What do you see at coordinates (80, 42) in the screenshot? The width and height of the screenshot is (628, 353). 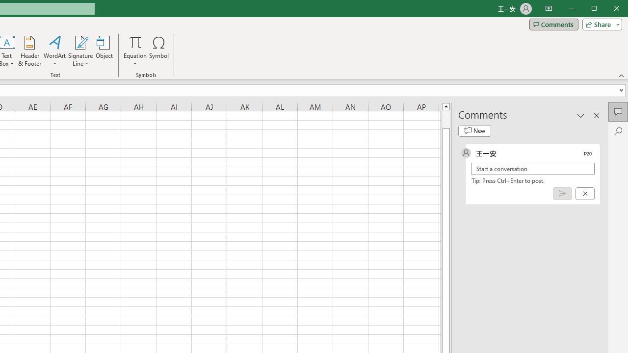 I see `'Signature Line'` at bounding box center [80, 42].